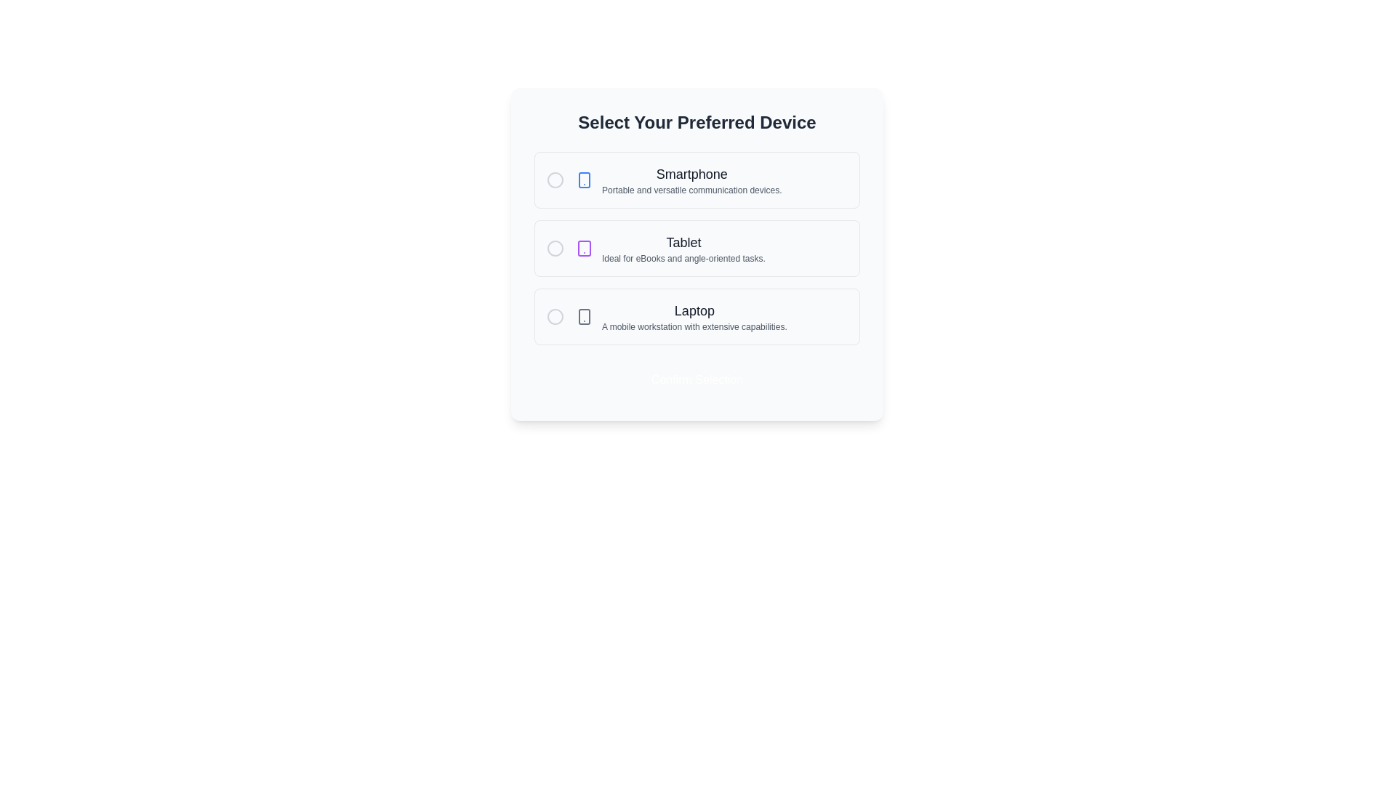 The image size is (1396, 785). Describe the element at coordinates (670, 248) in the screenshot. I see `the second item in the 'Select Your Preferred Device' list, which features a purple tablet icon and bold text 'Tablet'` at that location.